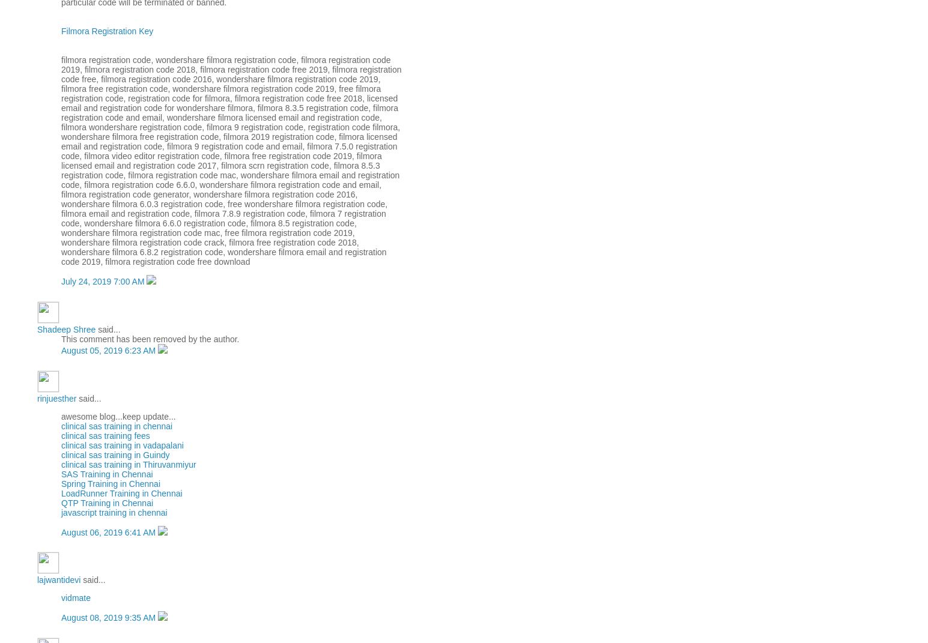 This screenshot has width=928, height=643. I want to click on 'QTP Training in Chennai', so click(107, 501).